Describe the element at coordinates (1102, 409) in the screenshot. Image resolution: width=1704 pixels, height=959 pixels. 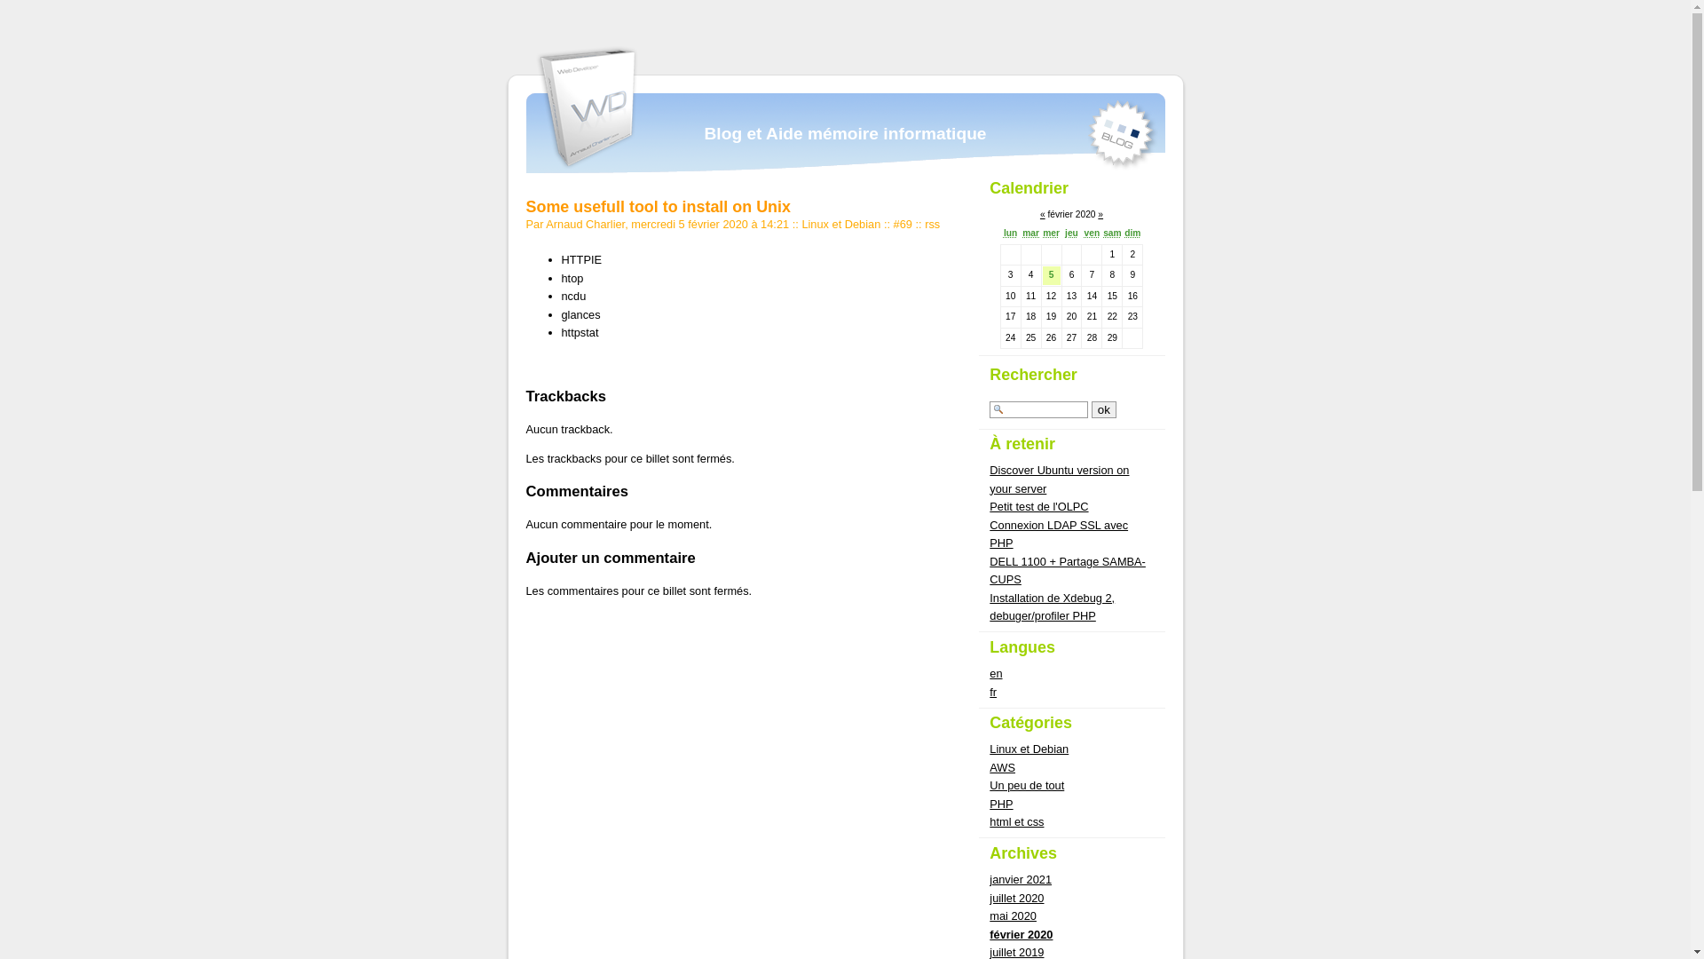
I see `'ok'` at that location.